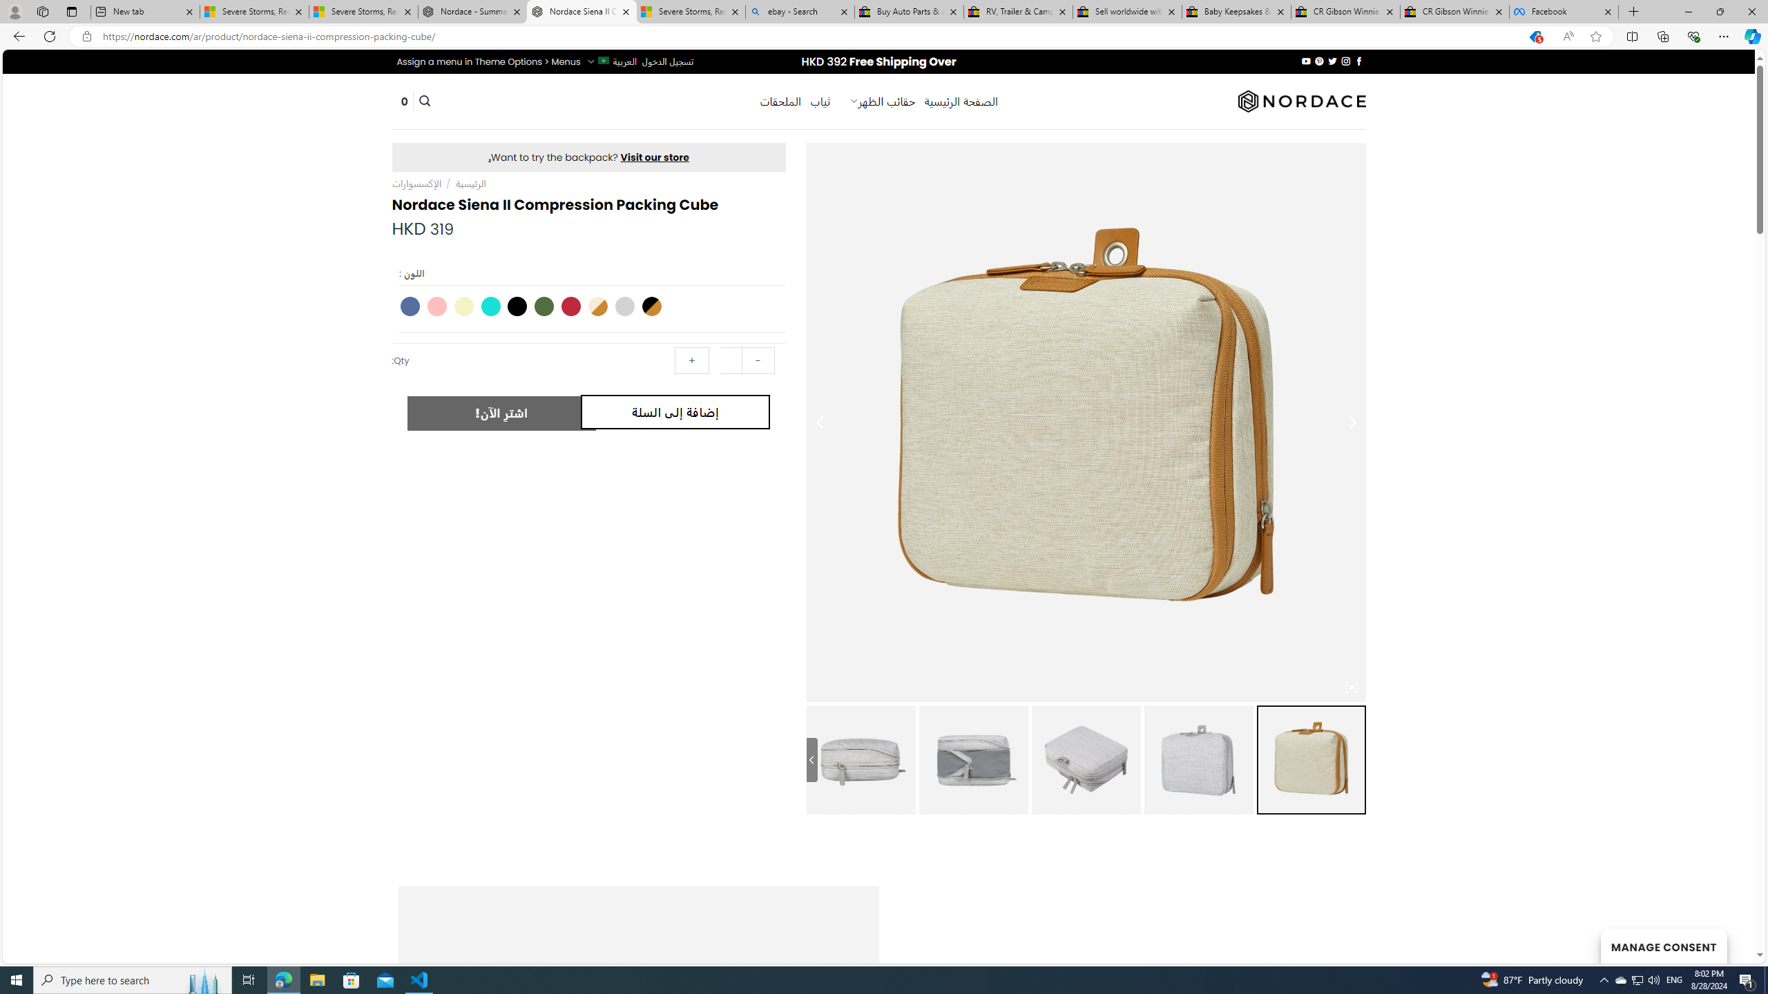 Image resolution: width=1768 pixels, height=994 pixels. Describe the element at coordinates (1305, 61) in the screenshot. I see `'Follow on YouTube'` at that location.